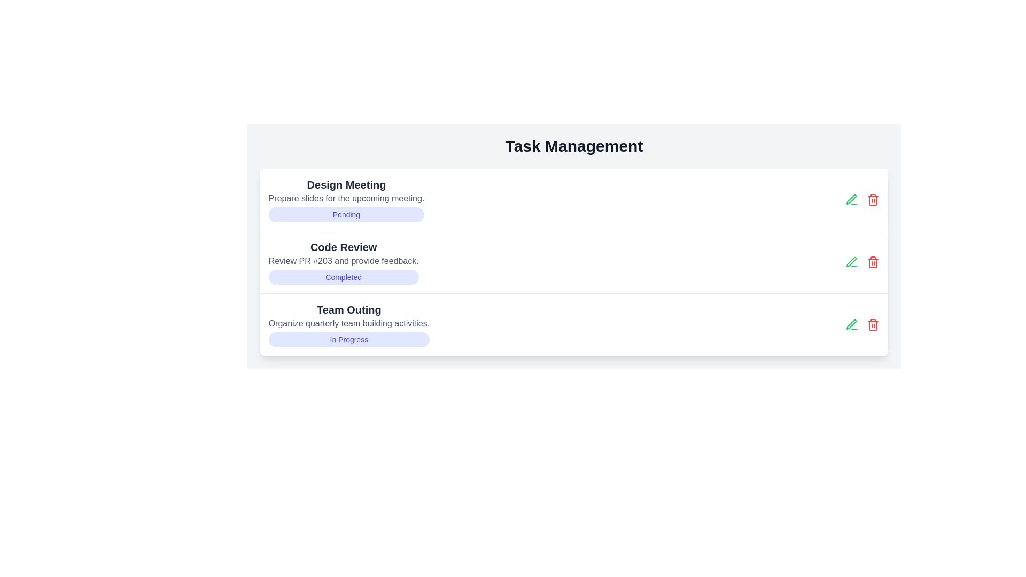  I want to click on the red trash can icon located on the right side of the interface next to the green pencil icon to initiate deletion, so click(873, 324).